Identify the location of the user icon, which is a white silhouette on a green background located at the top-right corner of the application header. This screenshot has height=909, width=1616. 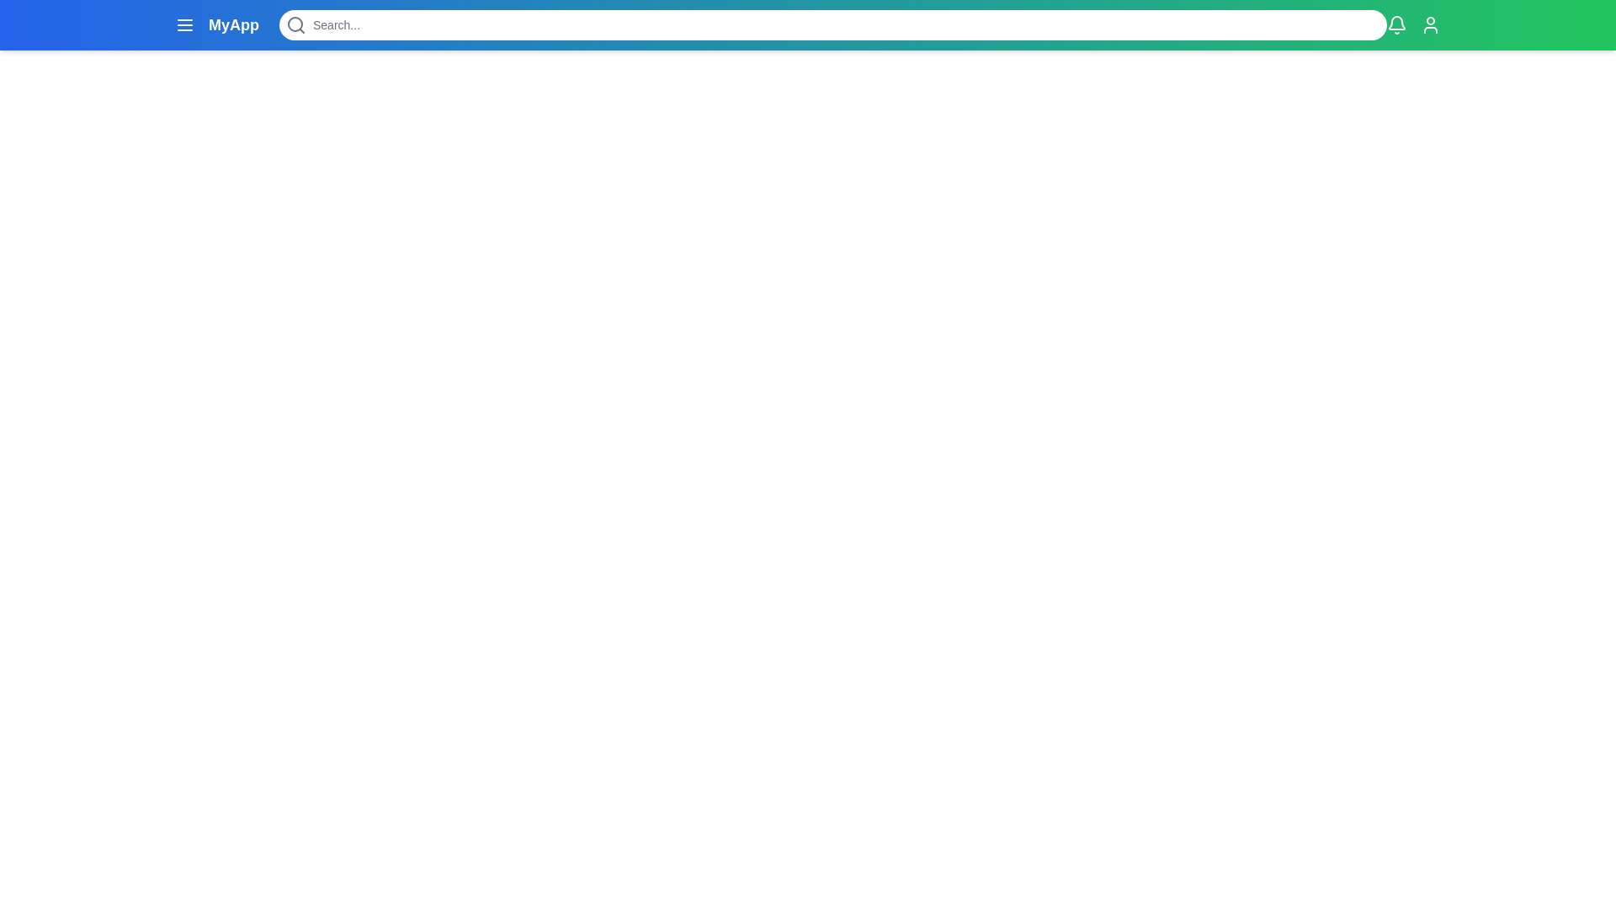
(1429, 25).